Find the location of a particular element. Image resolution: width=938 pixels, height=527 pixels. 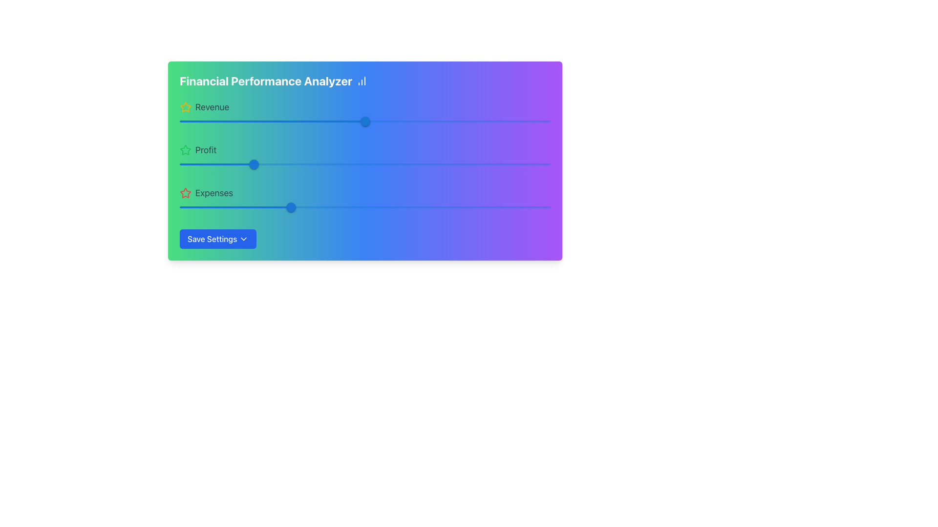

the star icon representing the 'Profit' metric, which is located to the left of the 'Profit' text label in the financial performance section is located at coordinates (185, 150).